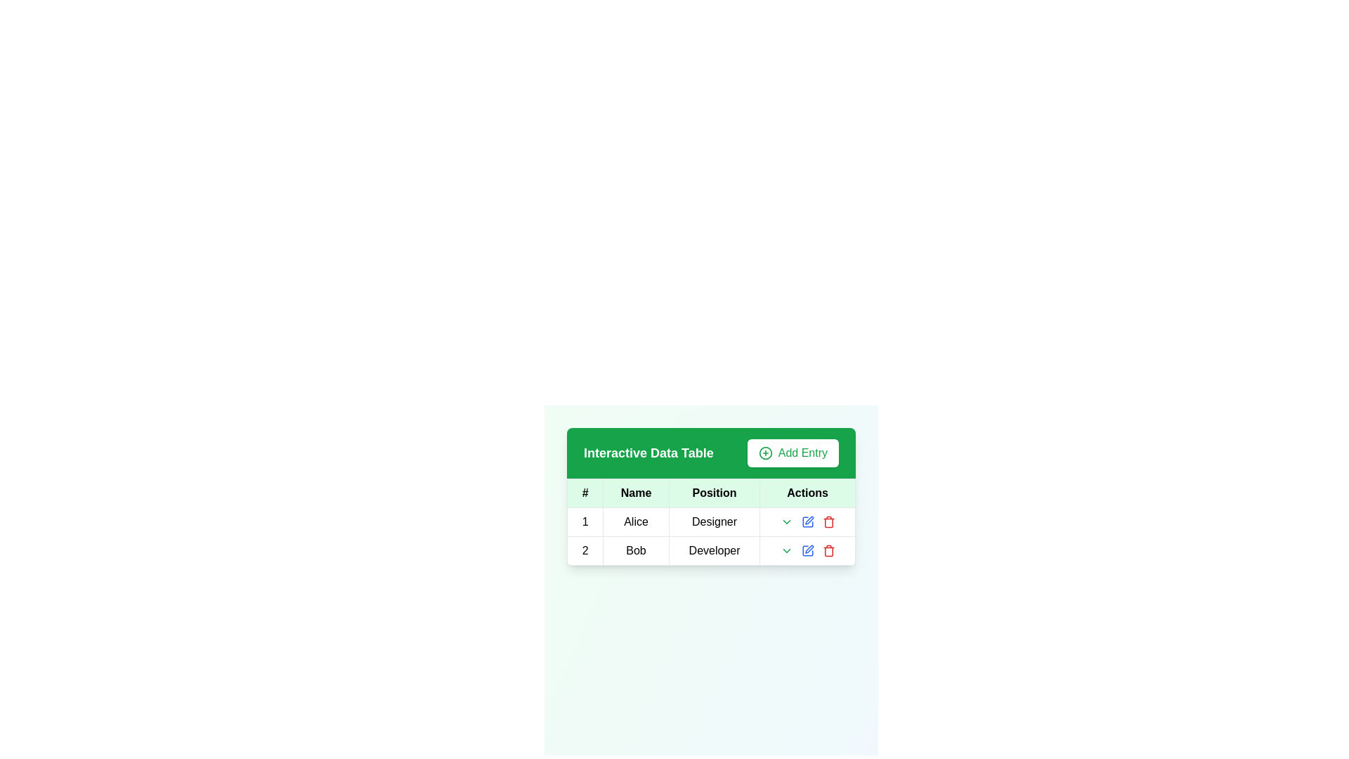  Describe the element at coordinates (828, 522) in the screenshot. I see `the red trash bin icon button in the Actions column of the second row` at that location.